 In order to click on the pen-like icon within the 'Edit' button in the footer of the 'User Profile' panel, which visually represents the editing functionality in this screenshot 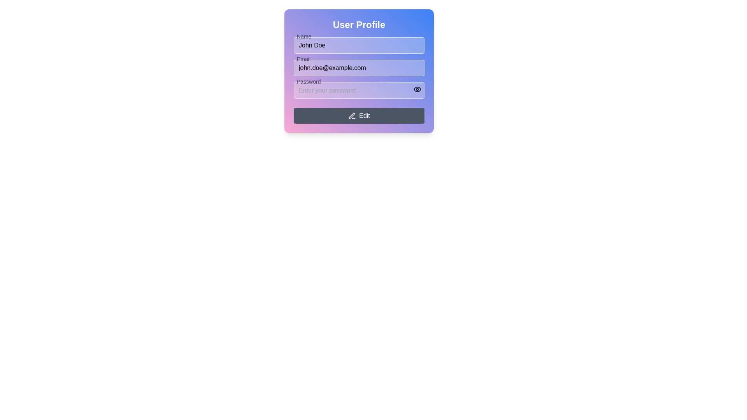, I will do `click(351, 115)`.